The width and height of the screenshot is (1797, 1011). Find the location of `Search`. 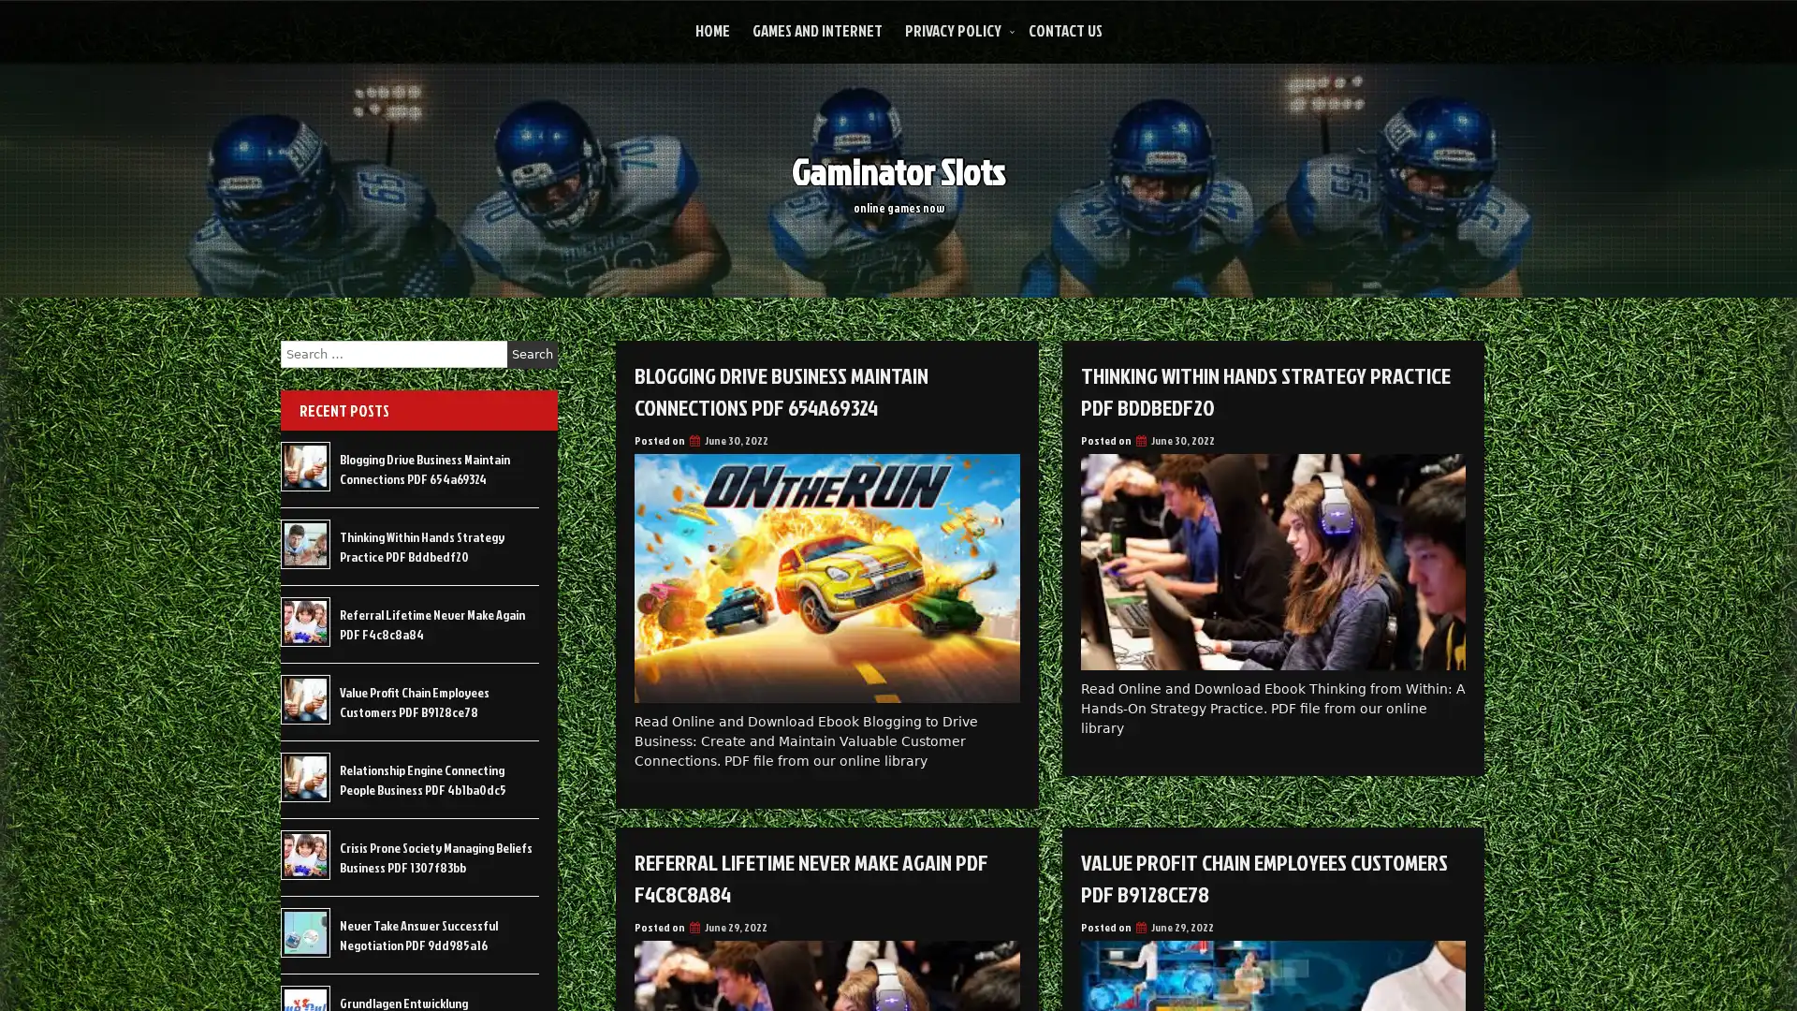

Search is located at coordinates (532, 354).